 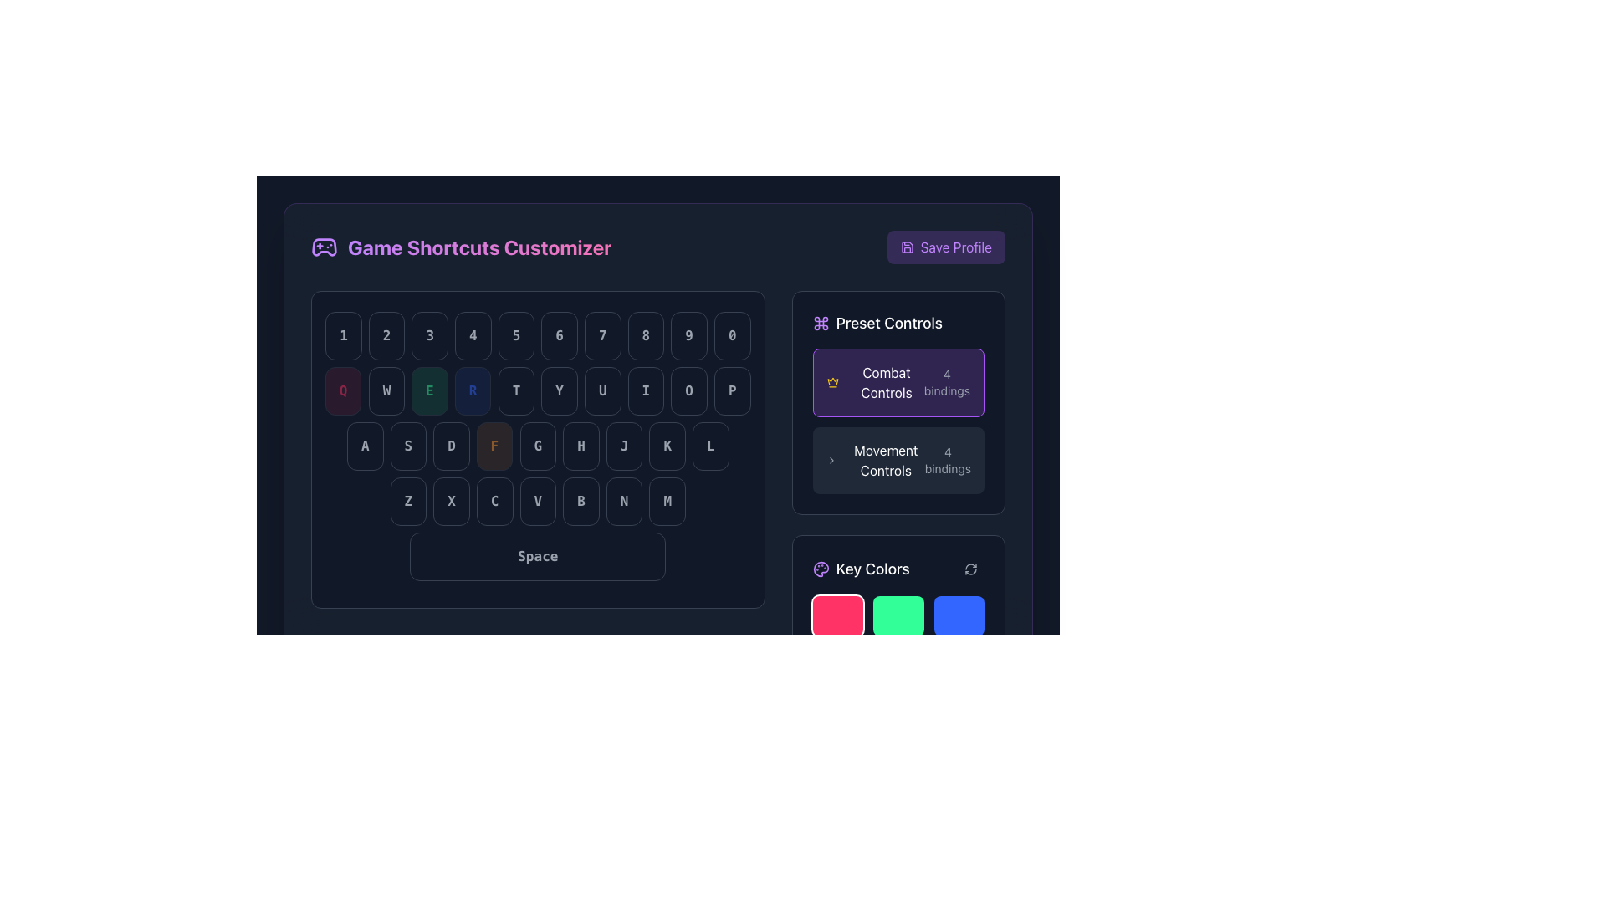 What do you see at coordinates (581, 445) in the screenshot?
I see `the button labeled 'H' which is the second button from the left in a row of similar buttons on a virtual keyboard interface` at bounding box center [581, 445].